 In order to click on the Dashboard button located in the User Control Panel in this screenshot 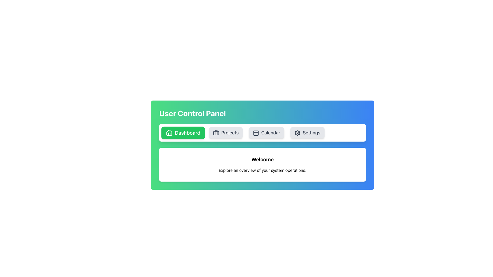, I will do `click(183, 132)`.